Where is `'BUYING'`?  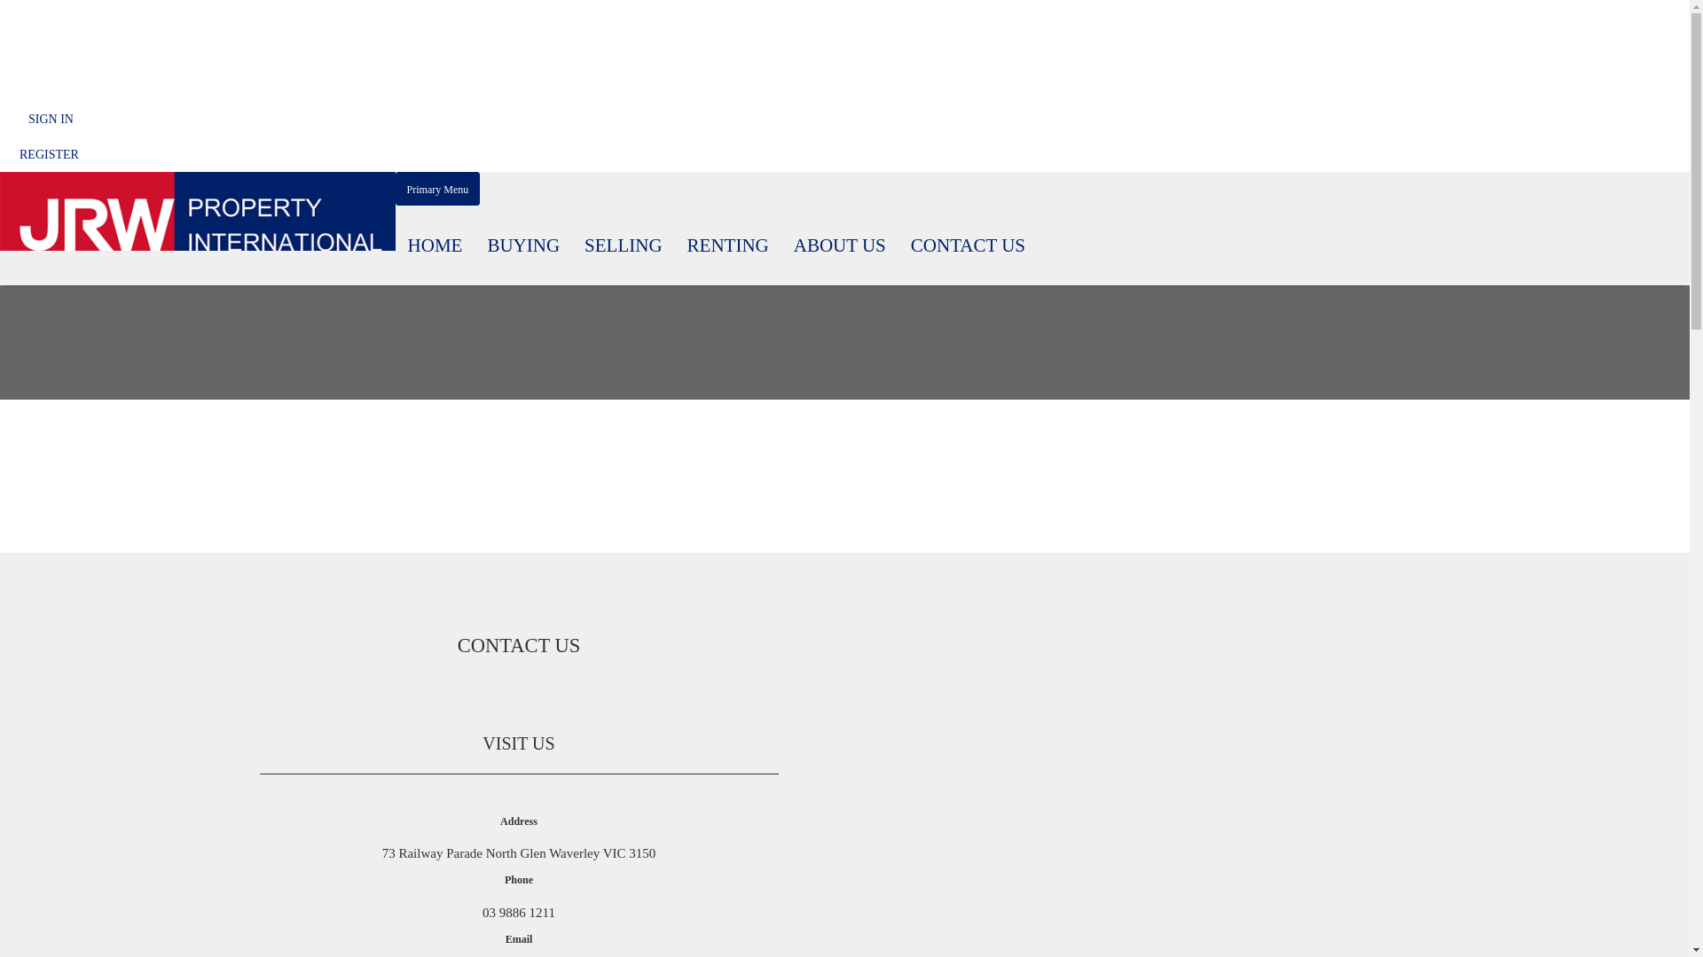 'BUYING' is located at coordinates (522, 245).